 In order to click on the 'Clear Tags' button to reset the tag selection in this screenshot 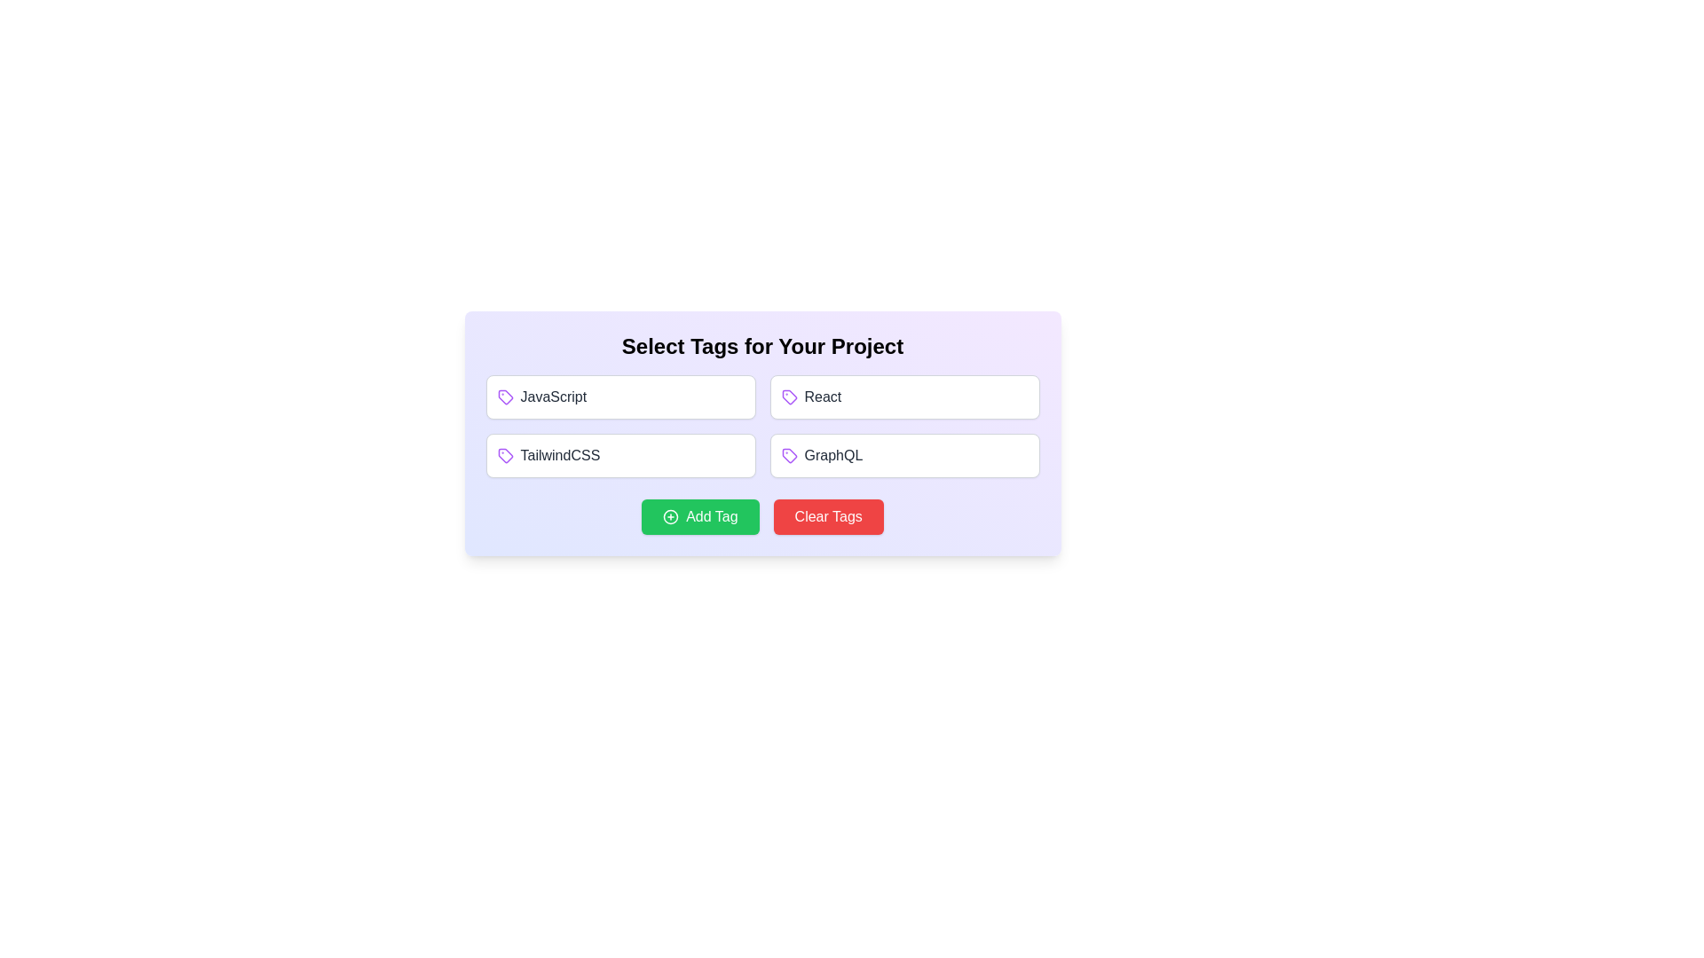, I will do `click(827, 516)`.